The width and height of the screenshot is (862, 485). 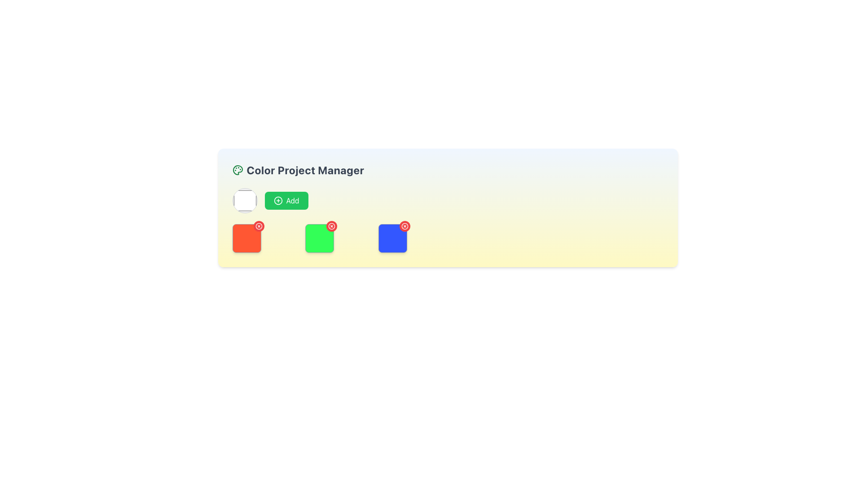 I want to click on the red close or edit button located at the top-right corner of the second selectable color box component in the grid layout to observe its hover effect, so click(x=320, y=238).